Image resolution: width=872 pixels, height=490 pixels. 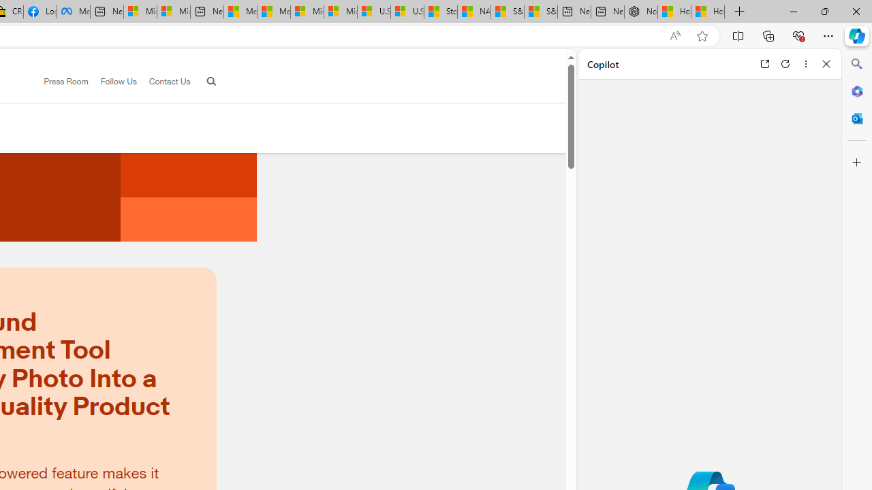 I want to click on 'Meta Store', so click(x=73, y=12).